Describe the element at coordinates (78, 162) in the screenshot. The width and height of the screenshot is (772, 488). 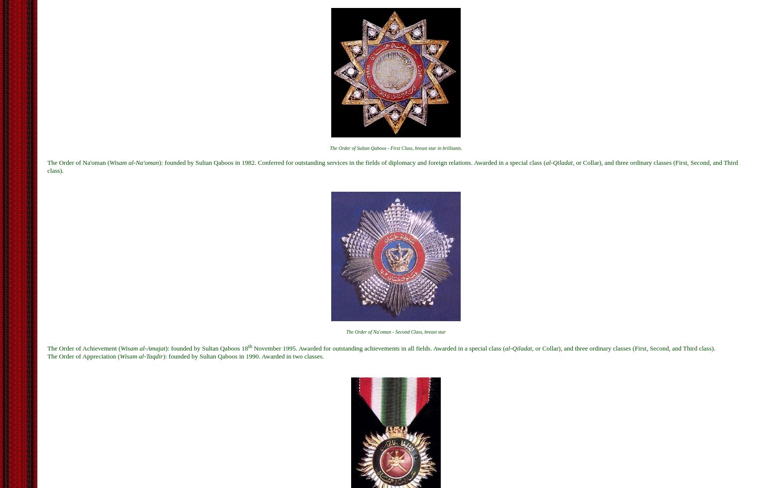
I see `'The Order of Na'oman ('` at that location.